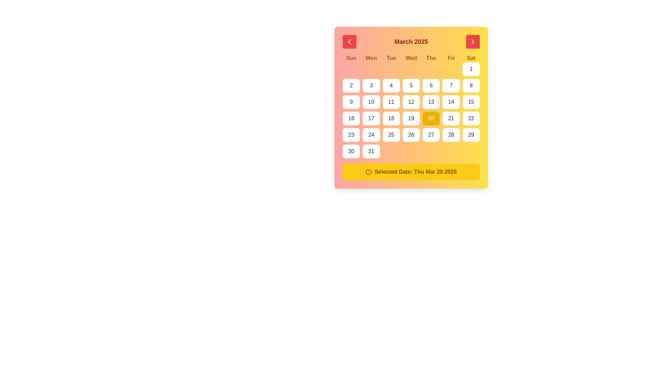 The width and height of the screenshot is (658, 370). Describe the element at coordinates (431, 102) in the screenshot. I see `the square-shaped button with rounded corners labeled '13' in the calendar interface to trigger the hover effect` at that location.